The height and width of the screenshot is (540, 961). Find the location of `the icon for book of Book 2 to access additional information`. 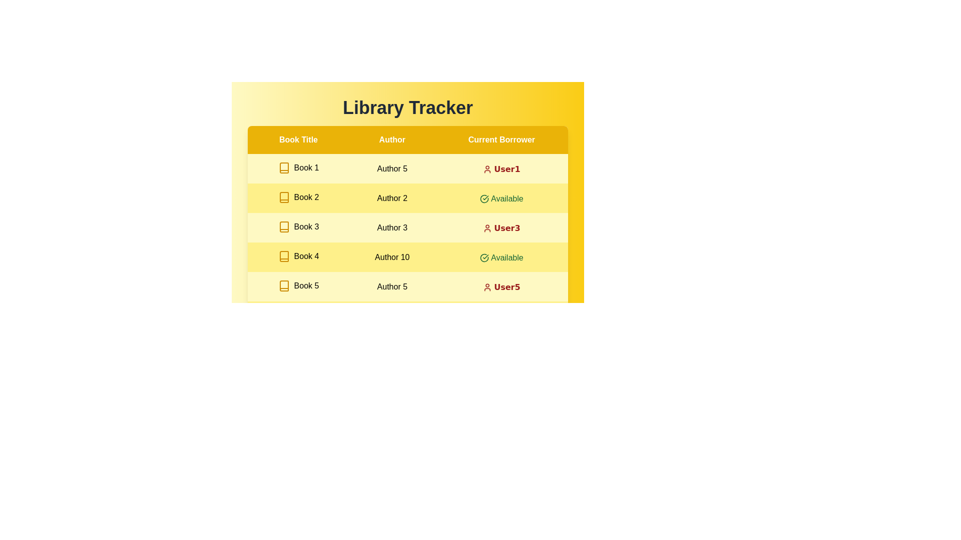

the icon for book of Book 2 to access additional information is located at coordinates (283, 197).